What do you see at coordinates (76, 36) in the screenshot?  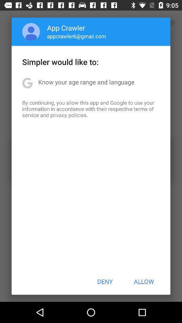 I see `item below the app crawler` at bounding box center [76, 36].